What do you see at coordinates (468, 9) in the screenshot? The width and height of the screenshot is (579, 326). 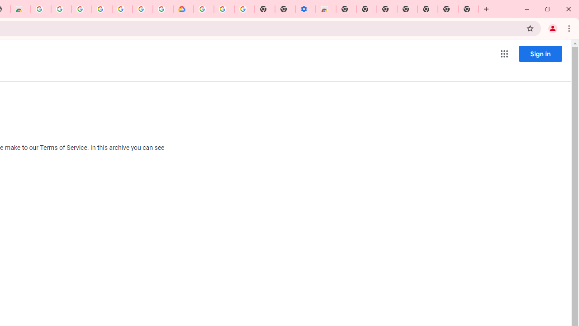 I see `'New Tab'` at bounding box center [468, 9].